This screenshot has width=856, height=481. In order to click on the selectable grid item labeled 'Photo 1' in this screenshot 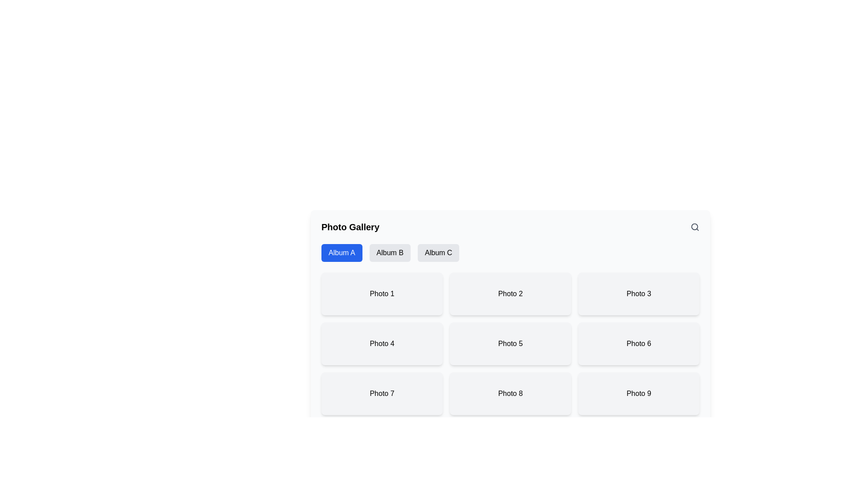, I will do `click(382, 293)`.